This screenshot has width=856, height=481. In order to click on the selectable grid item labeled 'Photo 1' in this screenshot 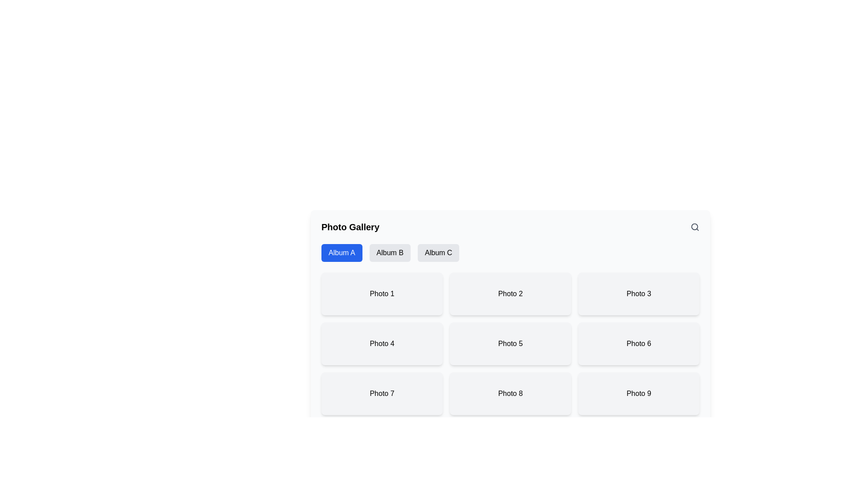, I will do `click(382, 293)`.